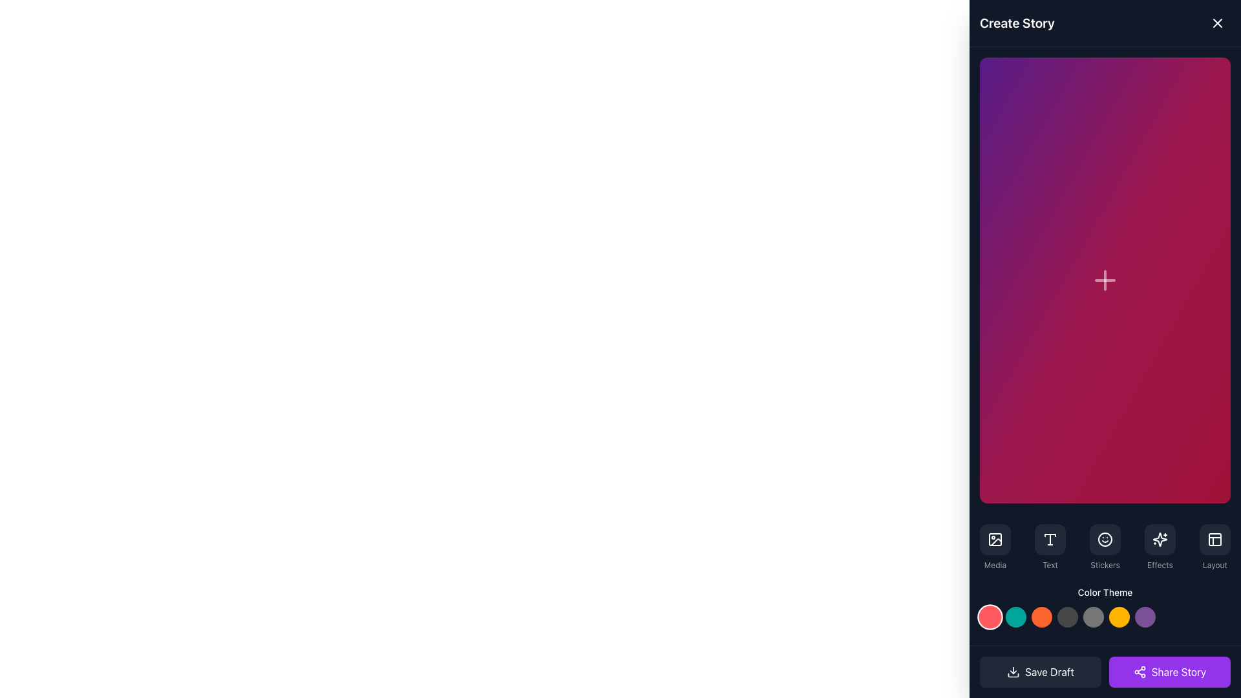 This screenshot has height=698, width=1241. What do you see at coordinates (1145, 615) in the screenshot?
I see `the seventh circular button under the 'Color Theme' section` at bounding box center [1145, 615].